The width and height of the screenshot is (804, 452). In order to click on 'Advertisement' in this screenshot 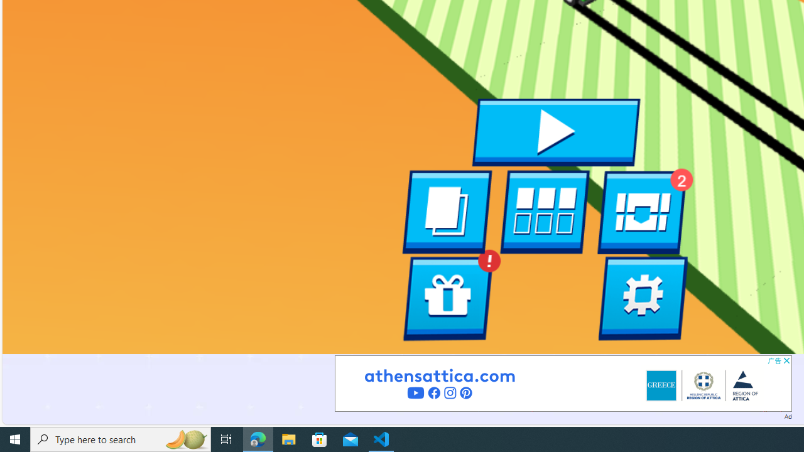, I will do `click(562, 382)`.